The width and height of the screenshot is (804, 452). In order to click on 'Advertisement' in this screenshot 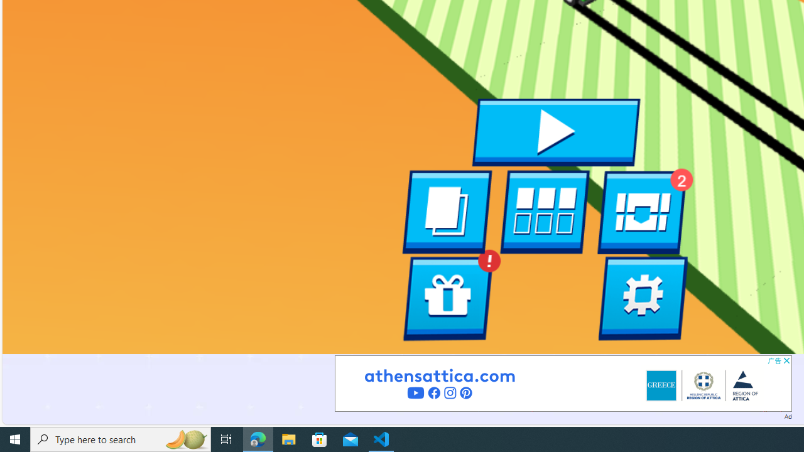, I will do `click(562, 382)`.